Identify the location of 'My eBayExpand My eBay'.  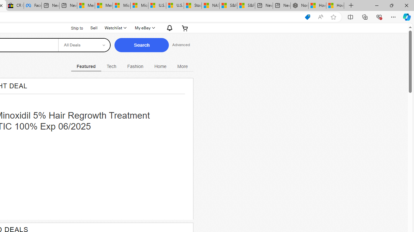
(144, 28).